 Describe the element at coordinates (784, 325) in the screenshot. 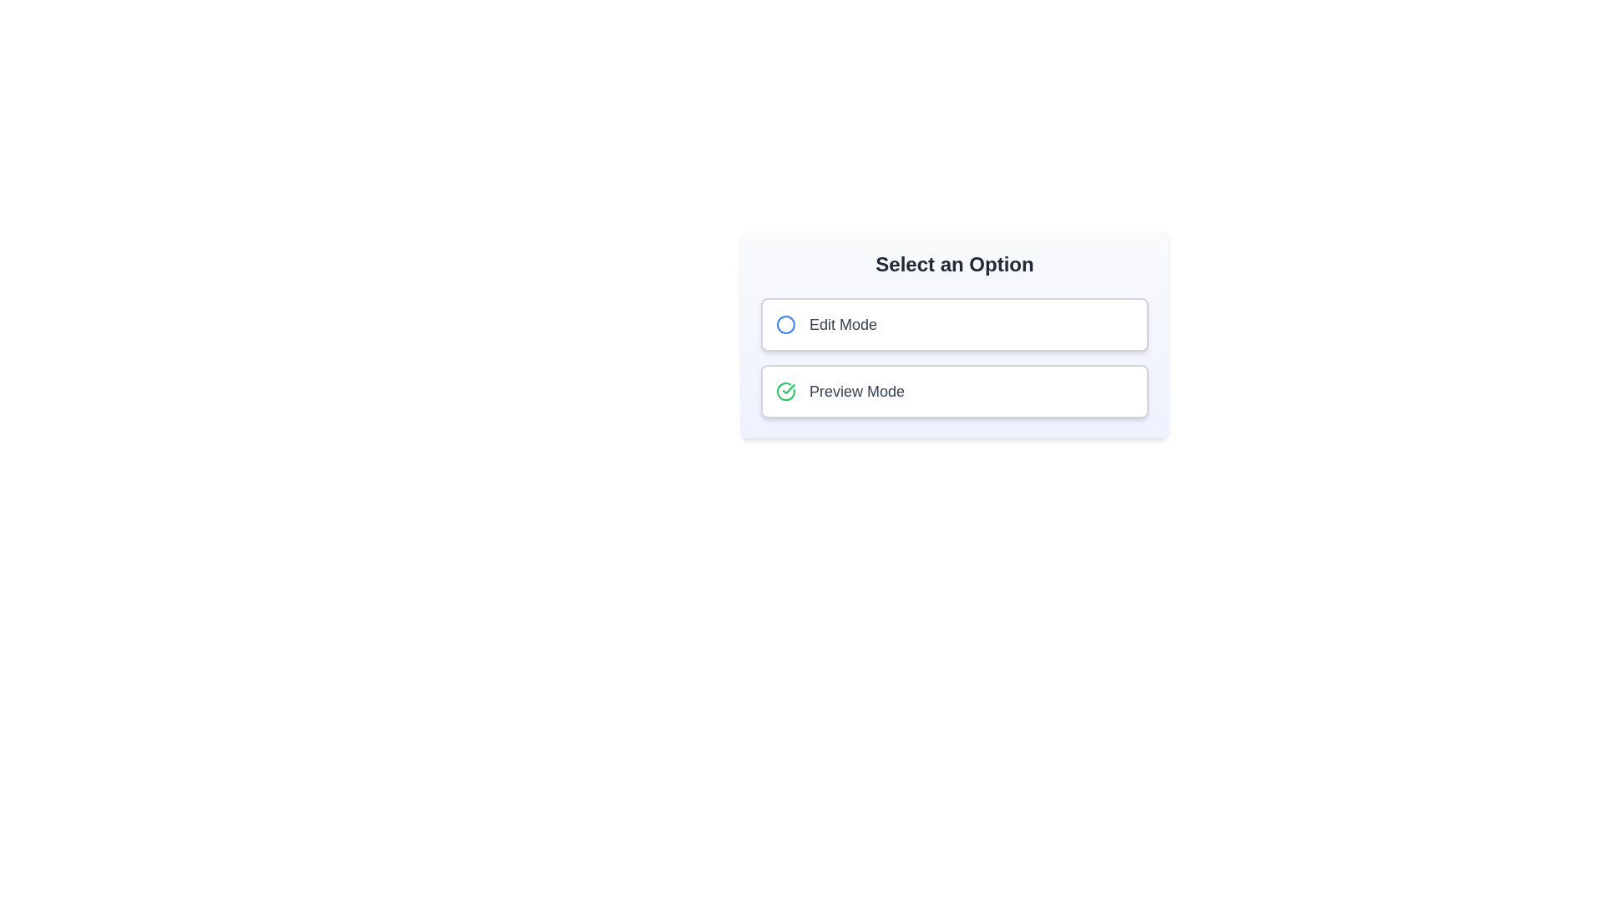

I see `the 'Edit Mode' icon located to the immediate left of the text 'Edit Mode' in the vertical list of options` at that location.